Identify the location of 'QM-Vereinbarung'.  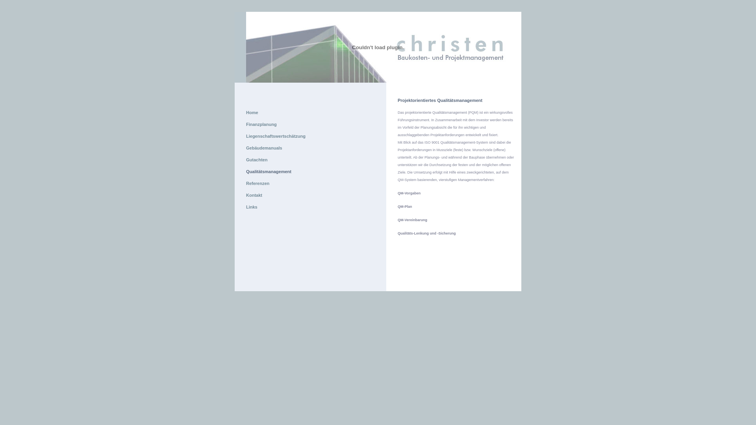
(412, 220).